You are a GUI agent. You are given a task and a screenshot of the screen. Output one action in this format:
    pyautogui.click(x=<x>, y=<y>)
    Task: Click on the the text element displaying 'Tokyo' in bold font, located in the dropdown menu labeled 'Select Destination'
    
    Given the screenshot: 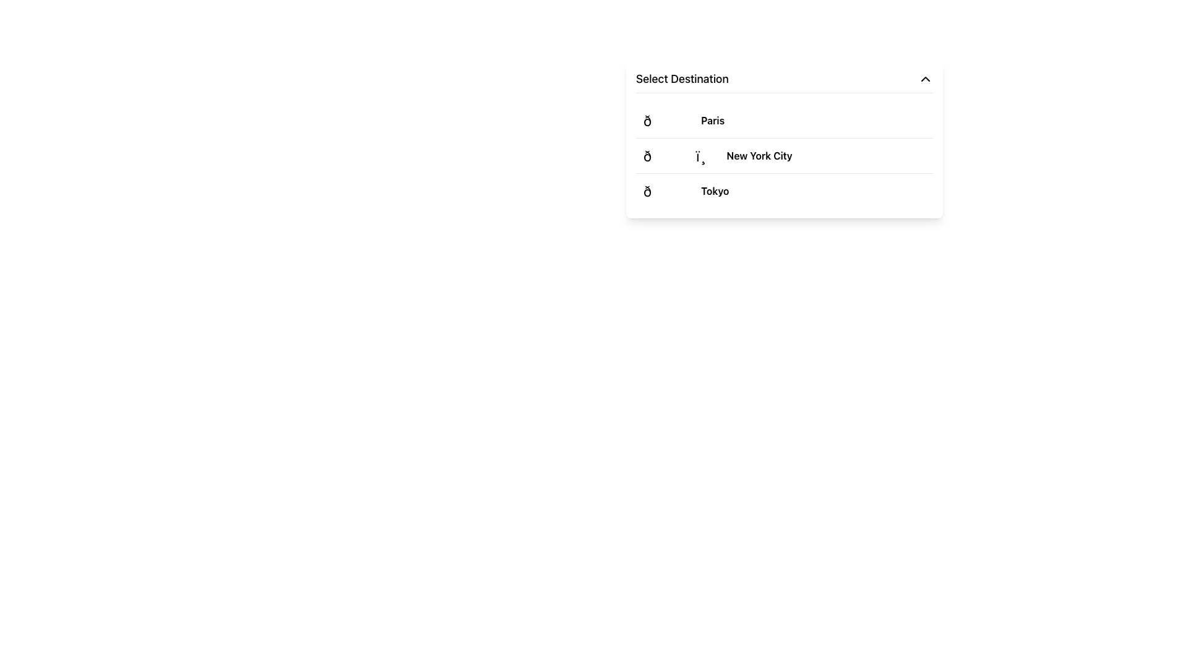 What is the action you would take?
    pyautogui.click(x=715, y=191)
    